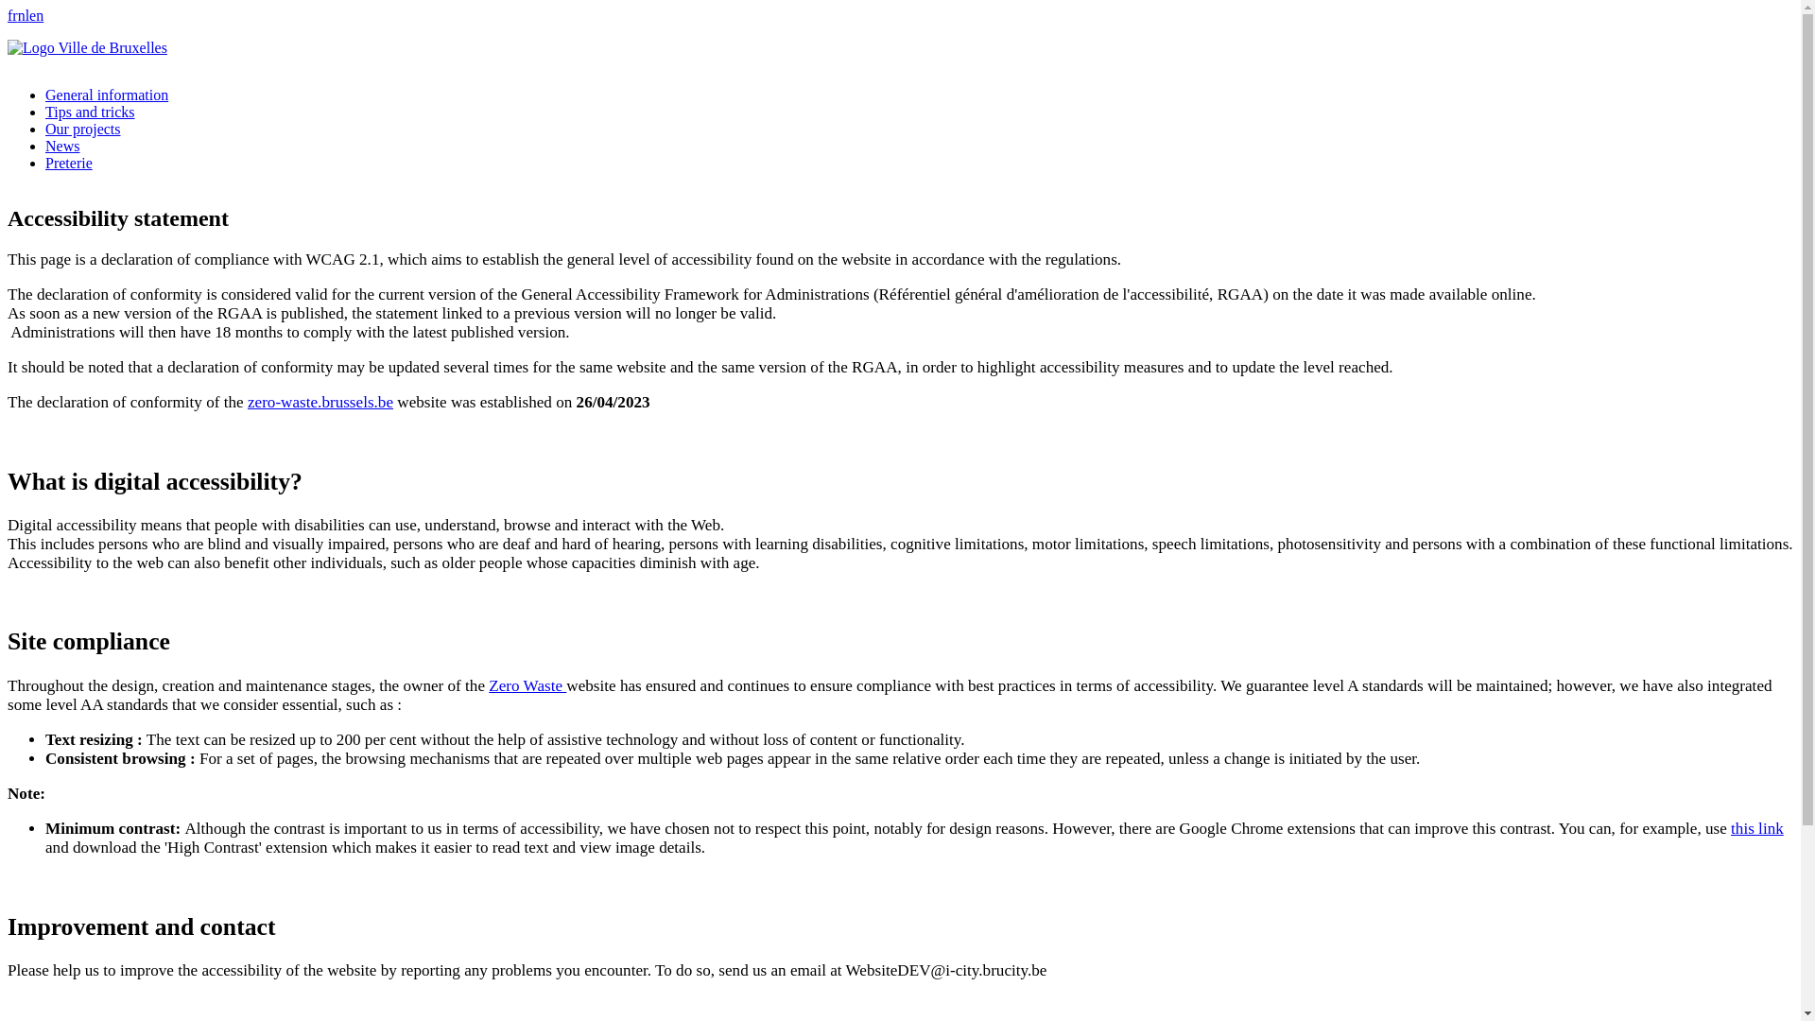 Image resolution: width=1815 pixels, height=1021 pixels. Describe the element at coordinates (45, 95) in the screenshot. I see `'General information'` at that location.